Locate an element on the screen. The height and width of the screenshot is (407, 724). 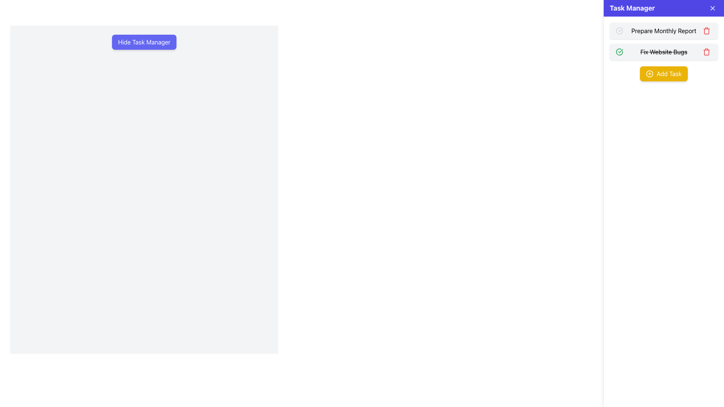
the icon that serves as a symbolic indicator for adding a task, located to the left of the 'Add Task' text is located at coordinates (649, 74).